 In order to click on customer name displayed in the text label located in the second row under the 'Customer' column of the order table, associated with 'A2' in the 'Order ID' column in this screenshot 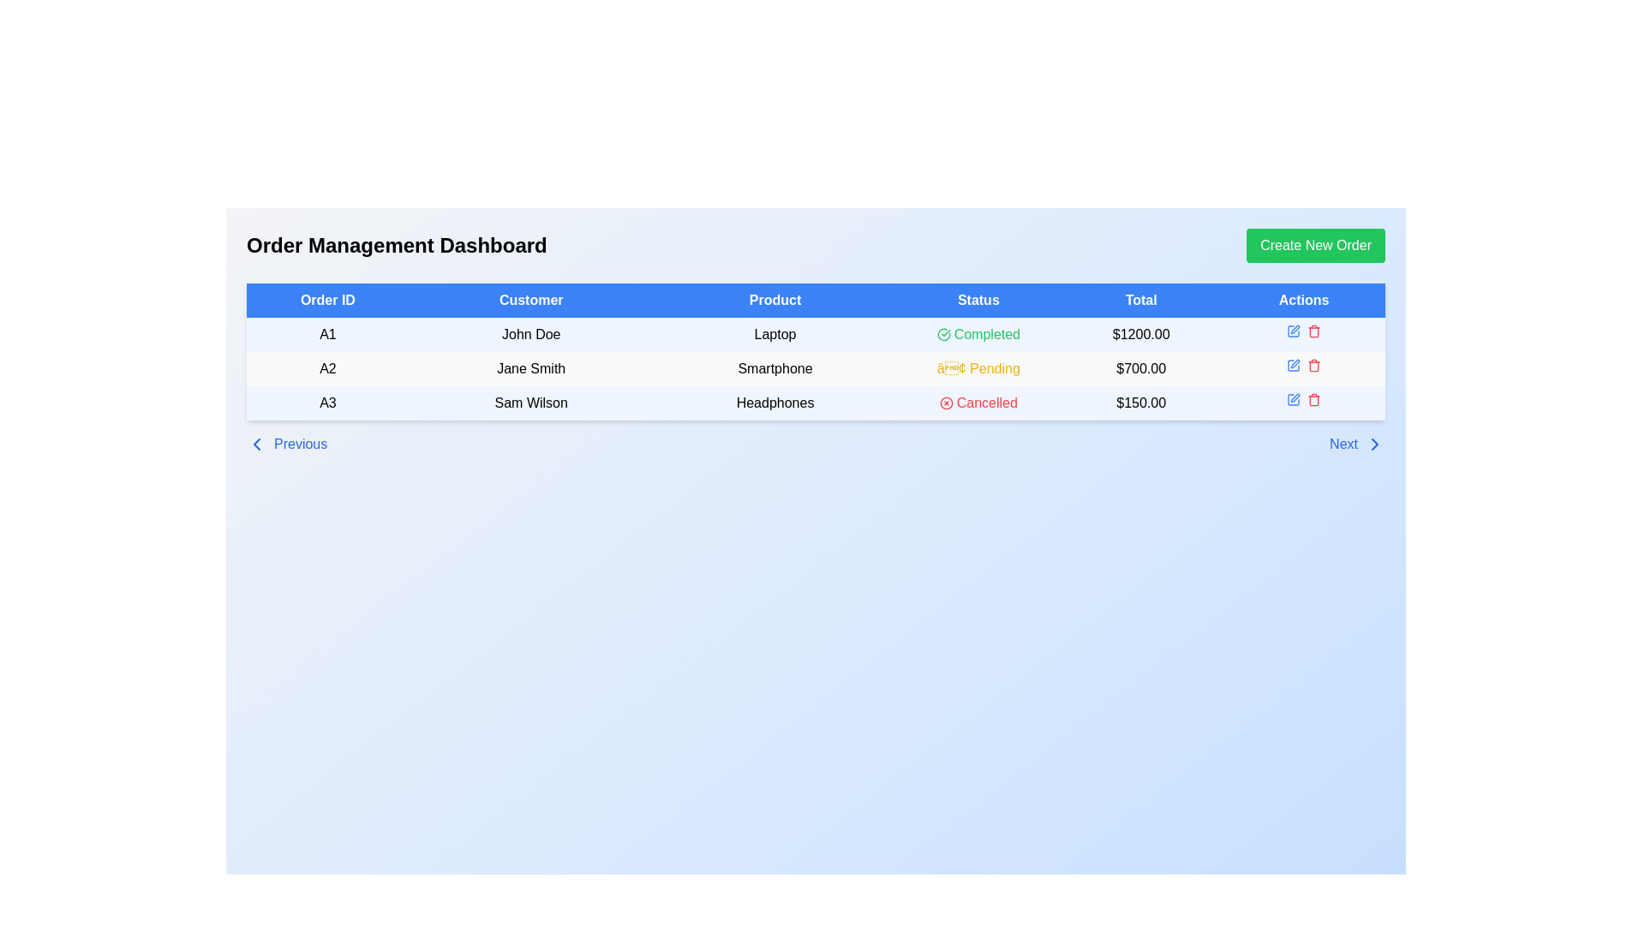, I will do `click(530, 368)`.